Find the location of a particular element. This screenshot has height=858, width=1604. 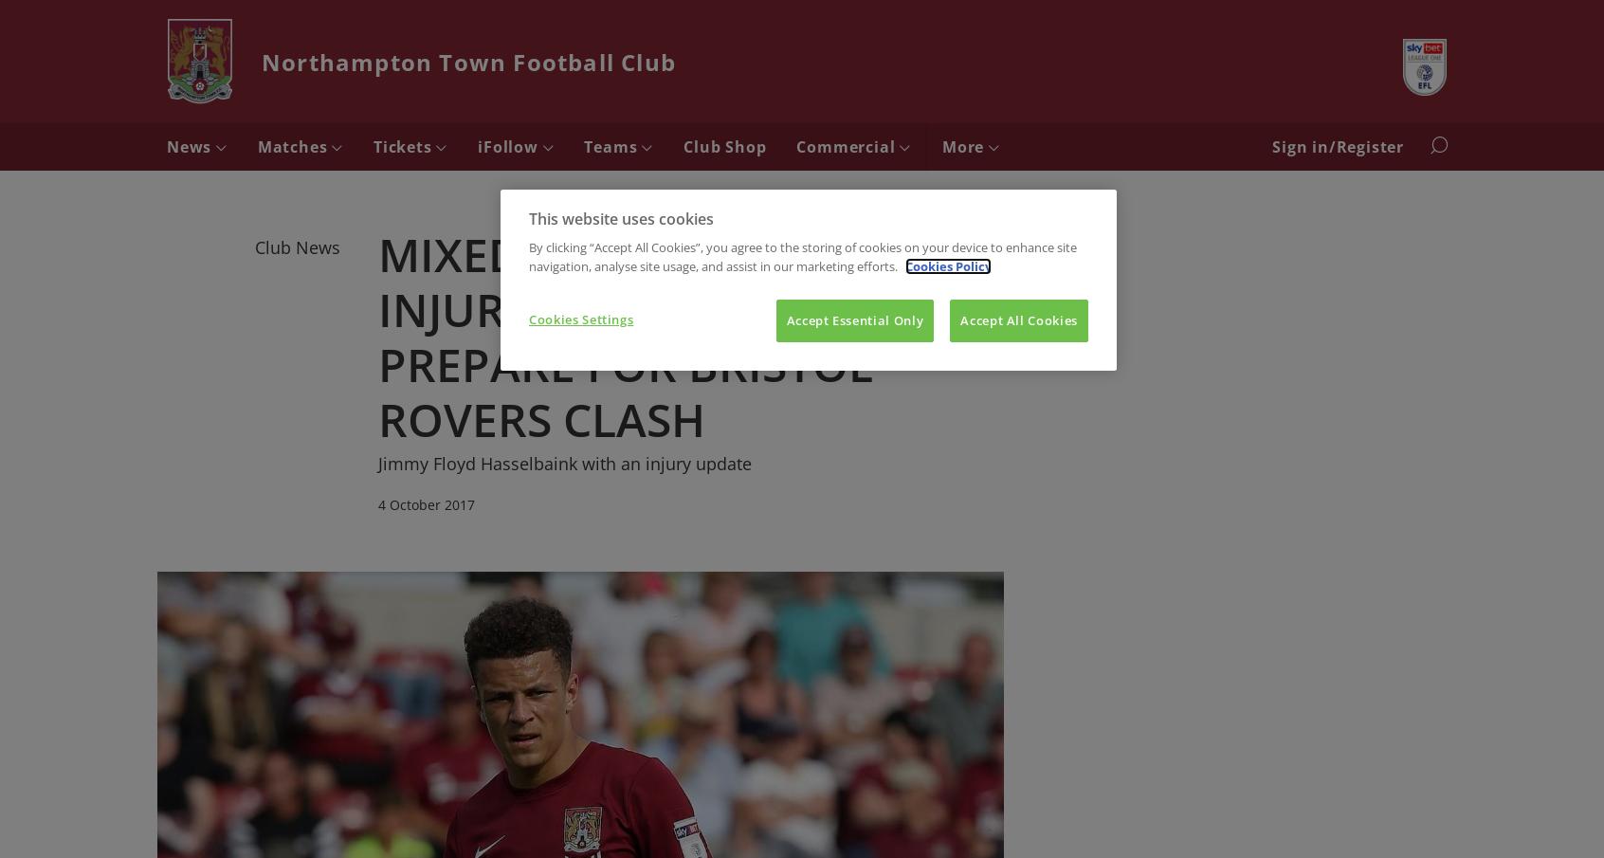

'Tickets' is located at coordinates (374, 147).